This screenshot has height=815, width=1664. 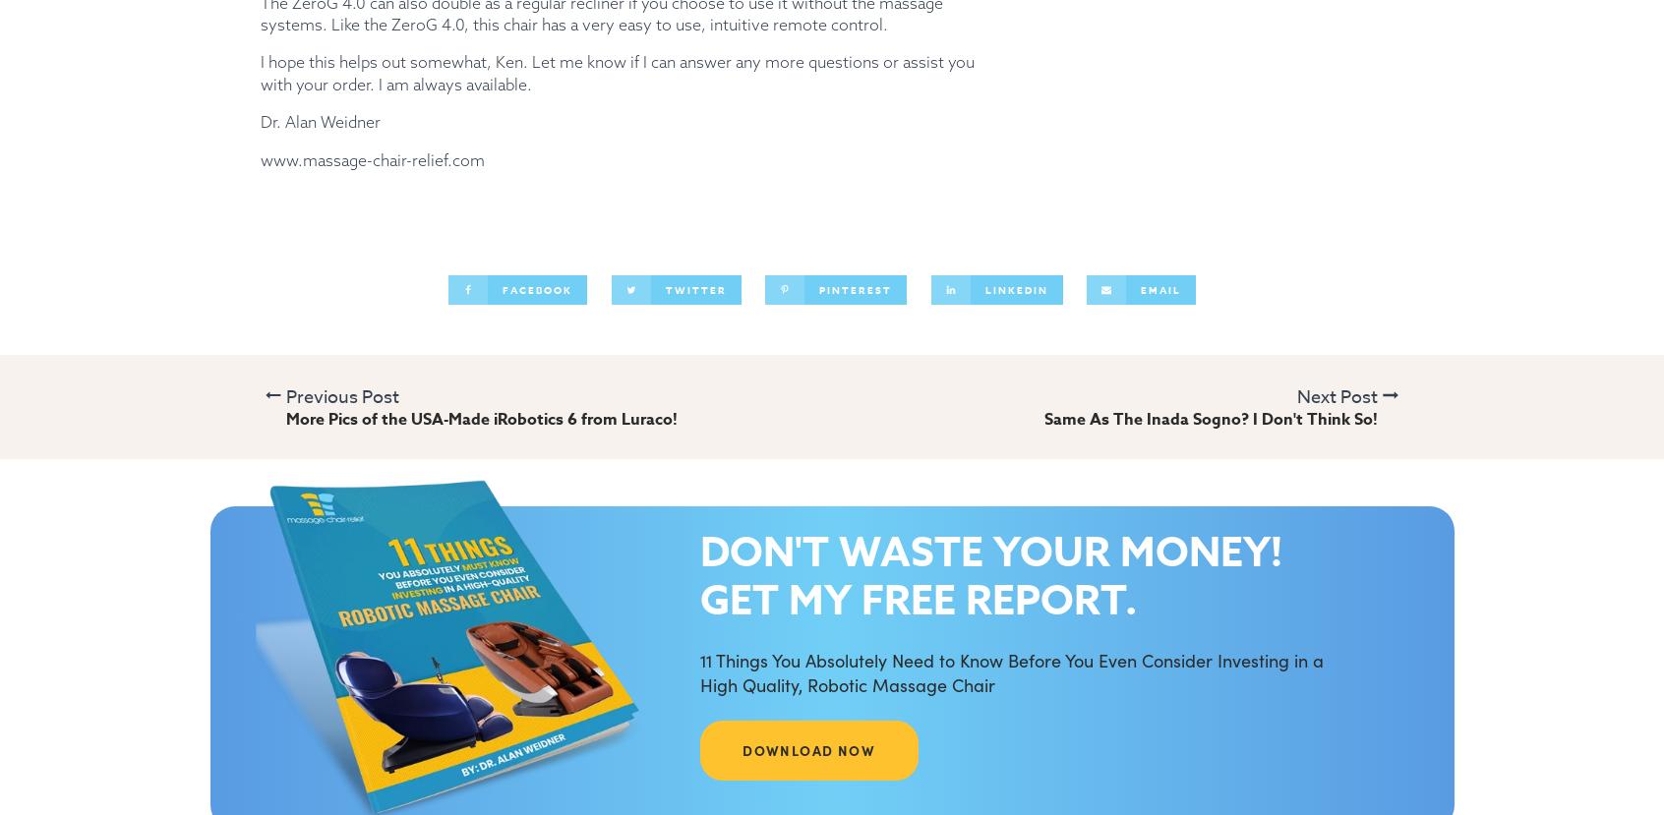 What do you see at coordinates (1296, 396) in the screenshot?
I see `'Next Post'` at bounding box center [1296, 396].